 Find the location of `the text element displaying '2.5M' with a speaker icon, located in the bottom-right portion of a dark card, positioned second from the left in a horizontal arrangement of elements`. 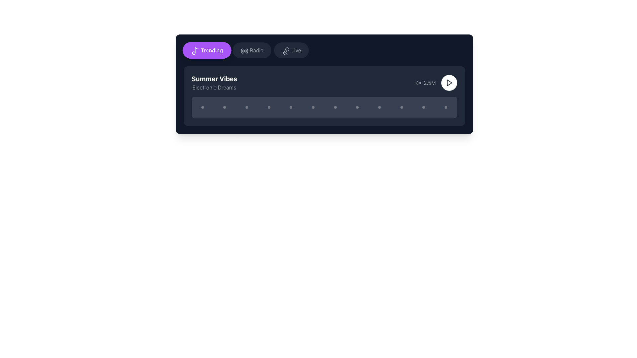

the text element displaying '2.5M' with a speaker icon, located in the bottom-right portion of a dark card, positioned second from the left in a horizontal arrangement of elements is located at coordinates (426, 83).